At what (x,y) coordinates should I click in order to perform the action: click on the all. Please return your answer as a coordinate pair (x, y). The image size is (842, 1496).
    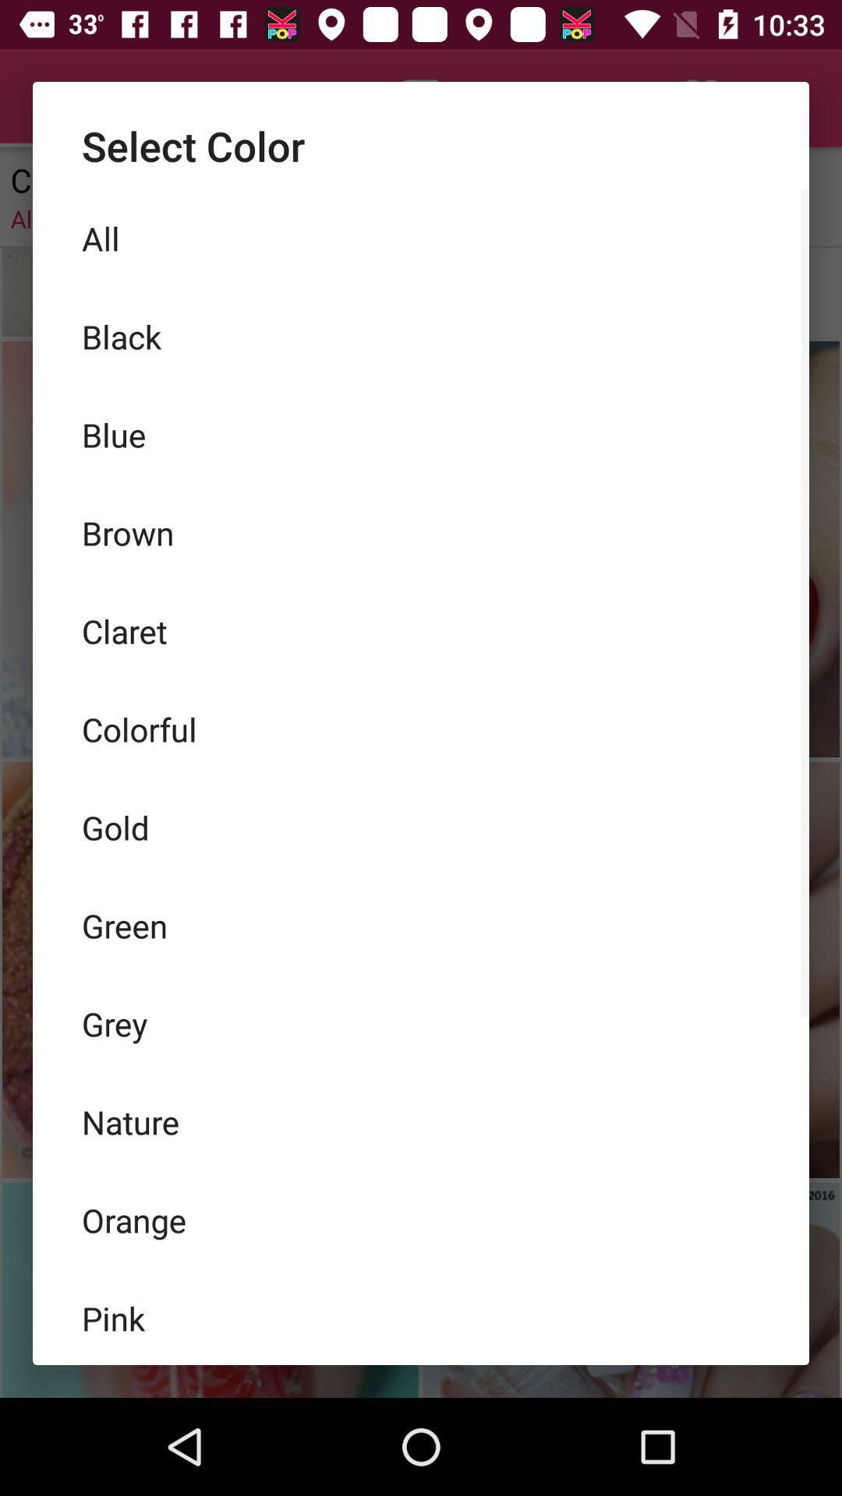
    Looking at the image, I should click on (421, 238).